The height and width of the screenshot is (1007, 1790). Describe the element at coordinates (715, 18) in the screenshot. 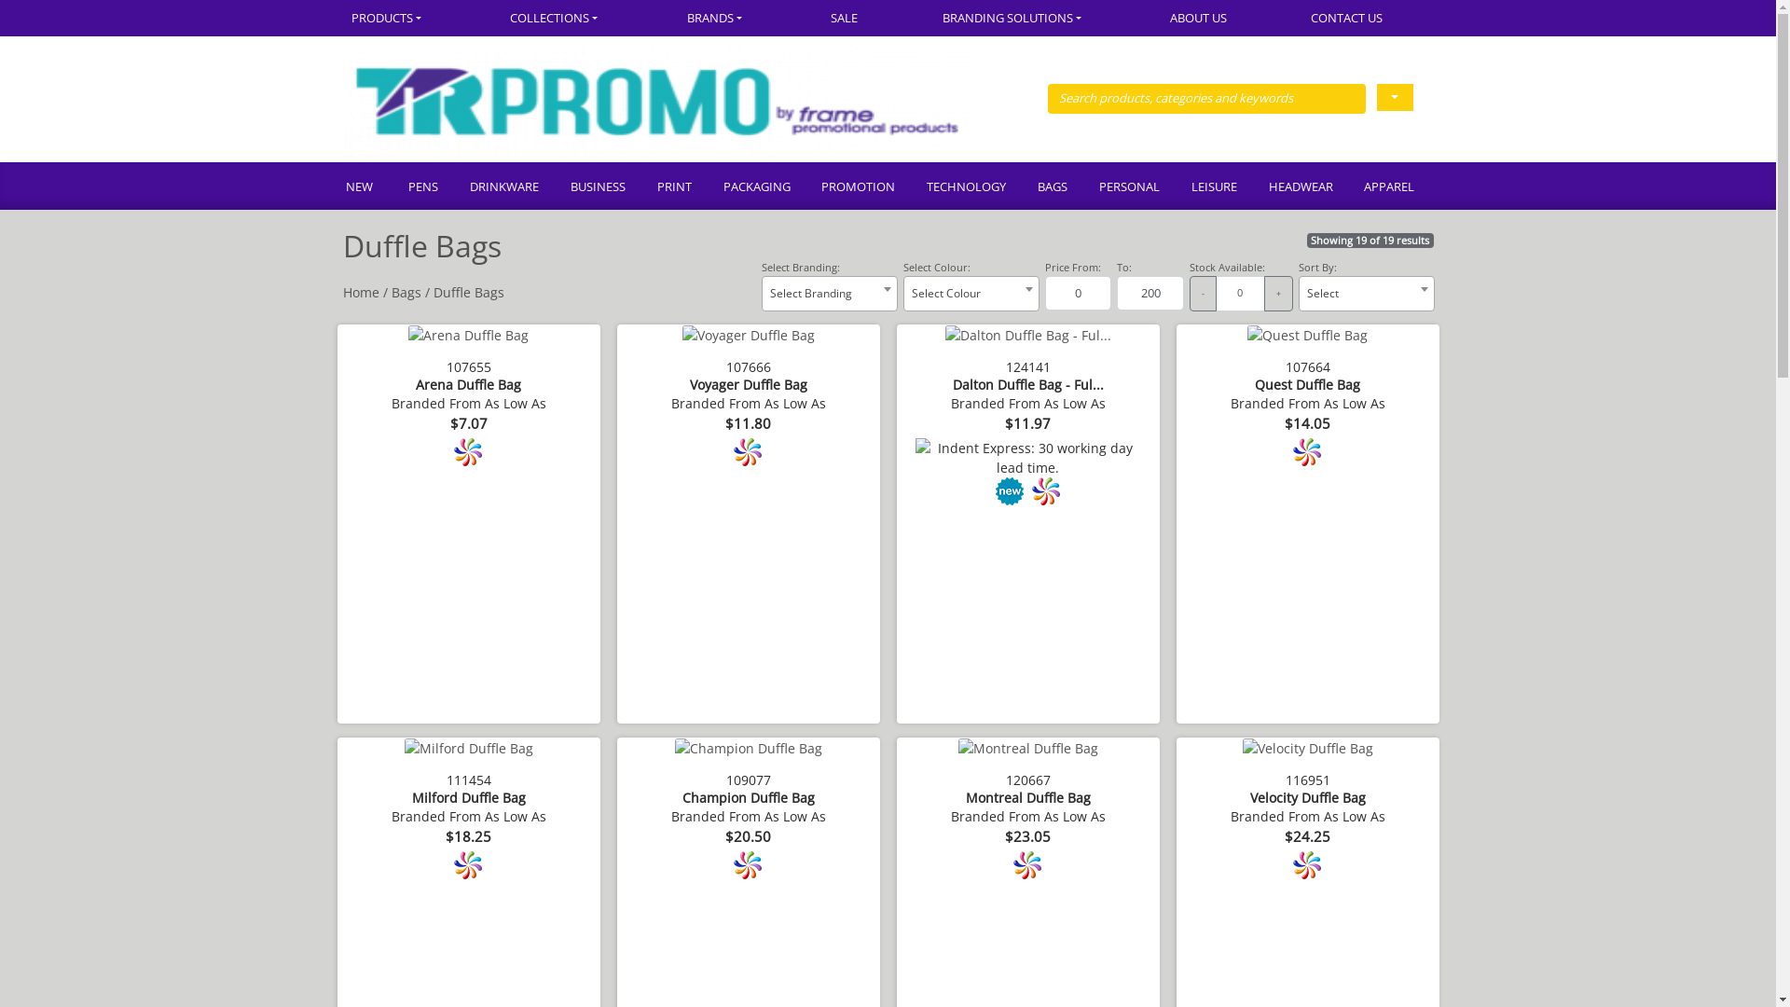

I see `'BRANDS'` at that location.